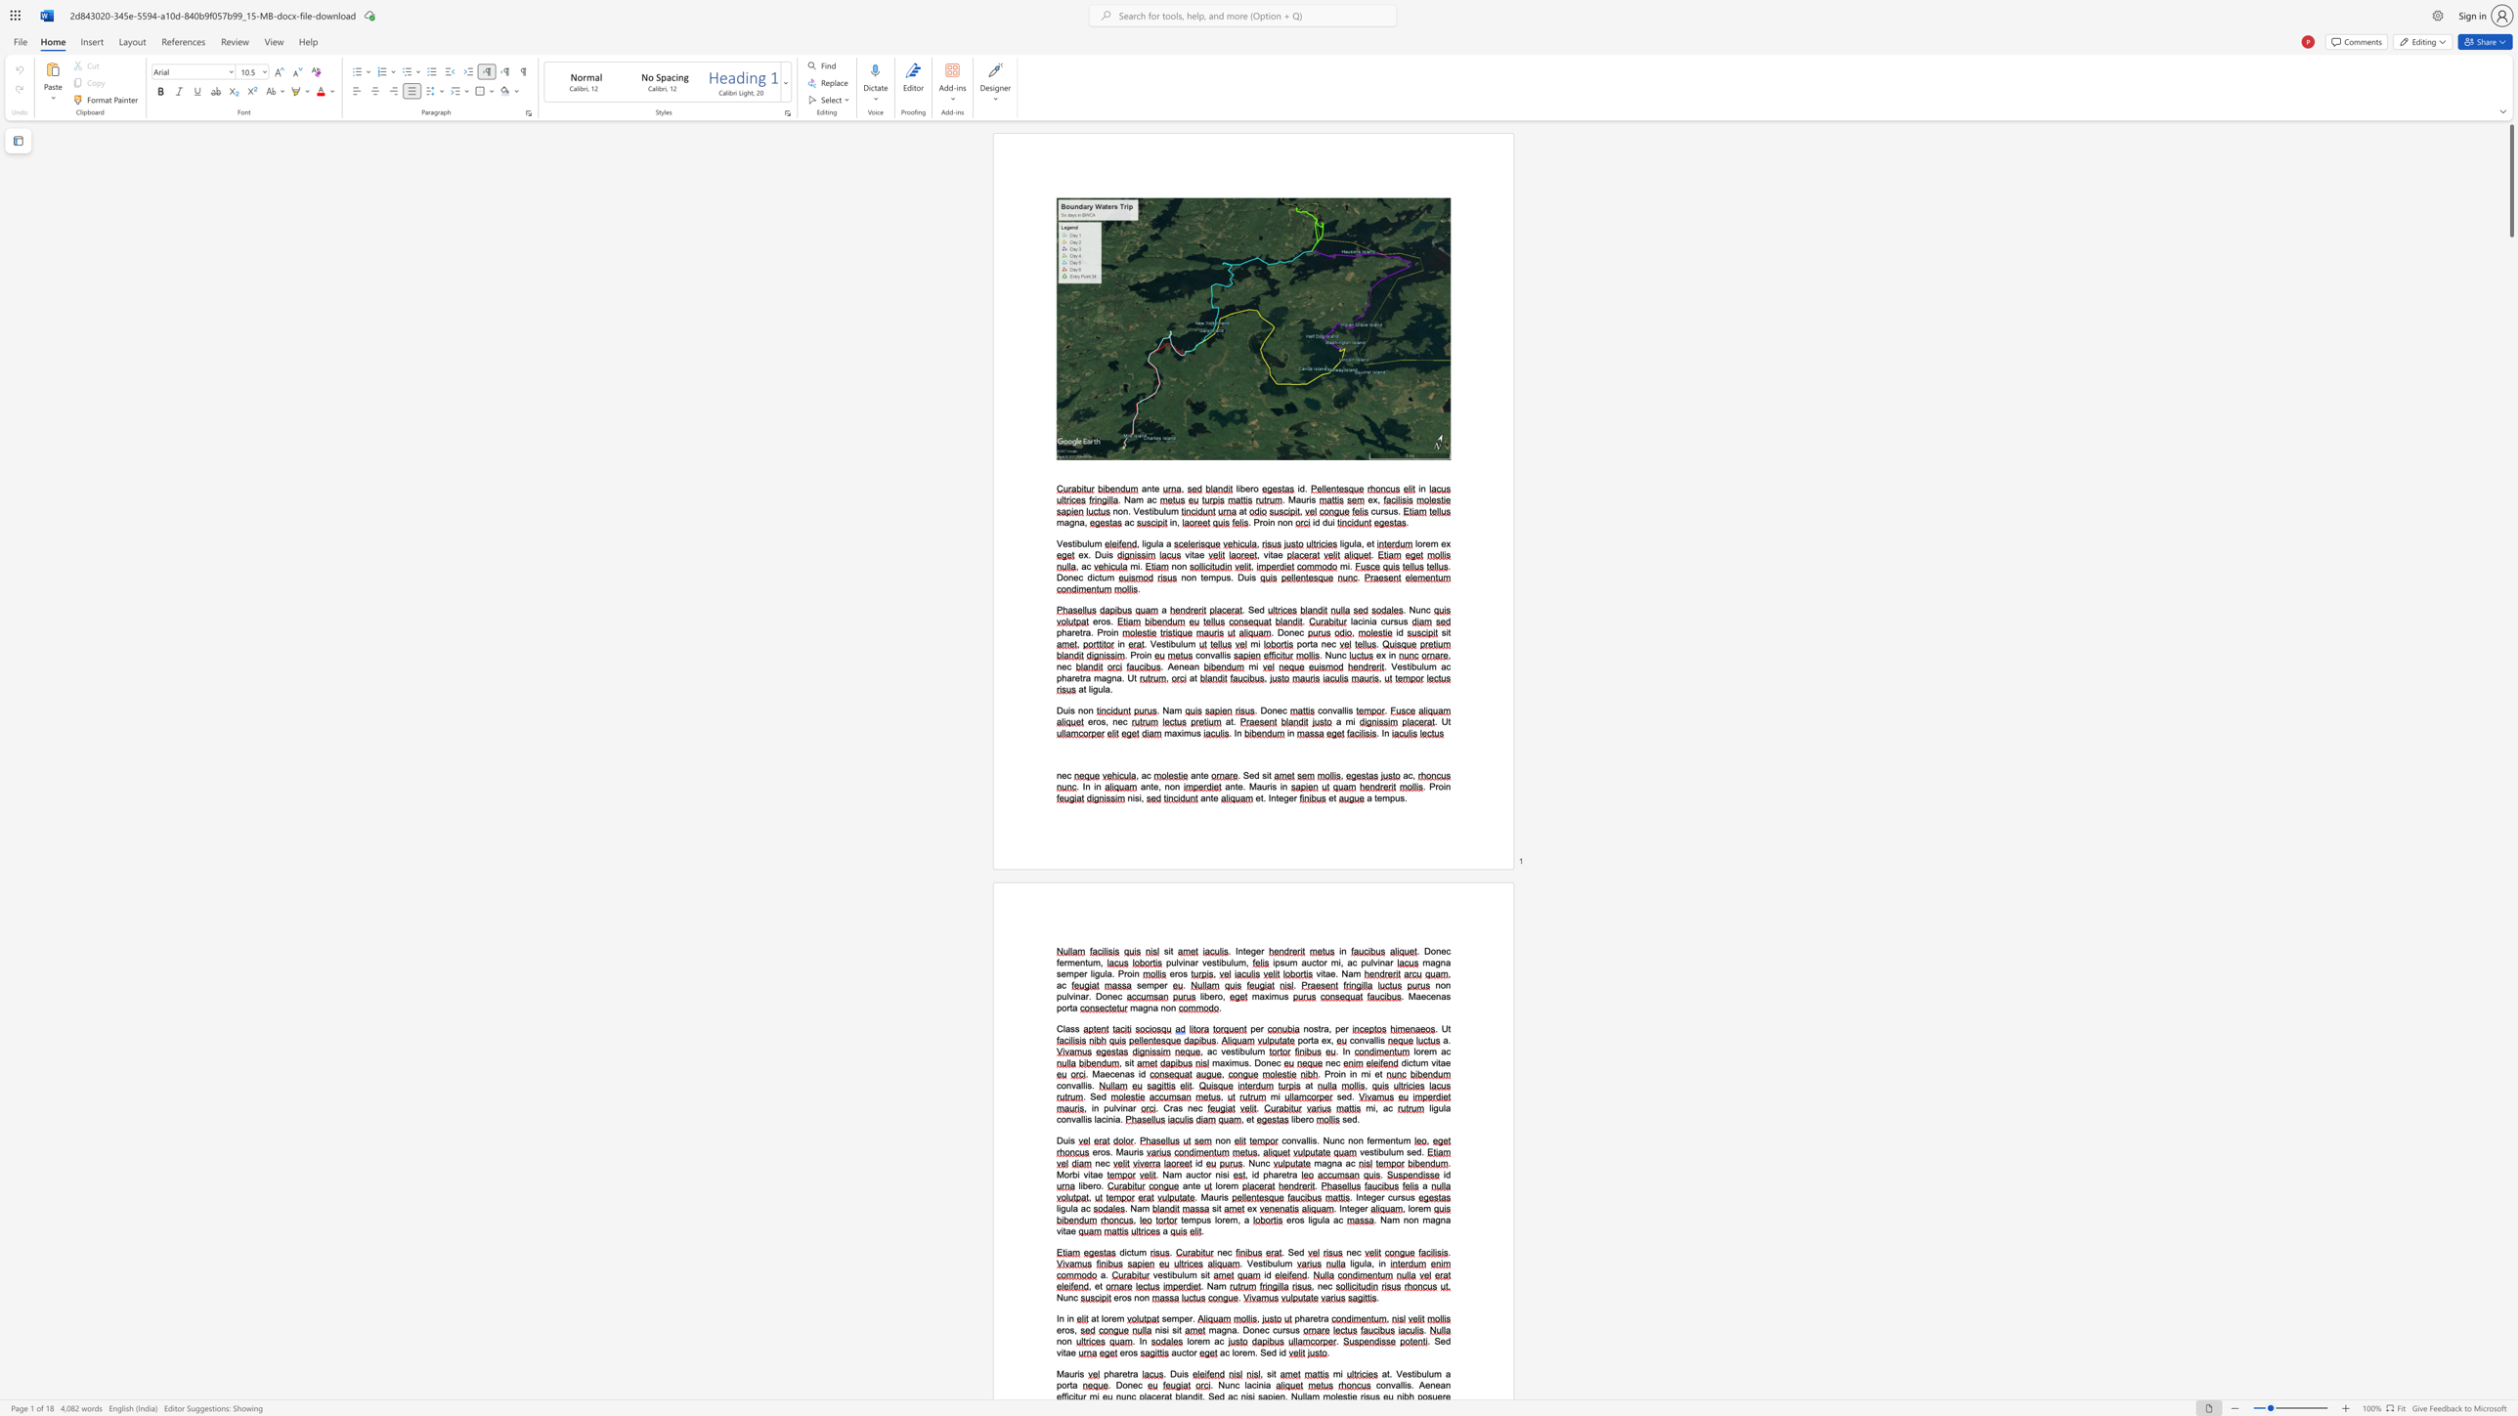  I want to click on the 1th character "n" in the text, so click(1360, 1196).